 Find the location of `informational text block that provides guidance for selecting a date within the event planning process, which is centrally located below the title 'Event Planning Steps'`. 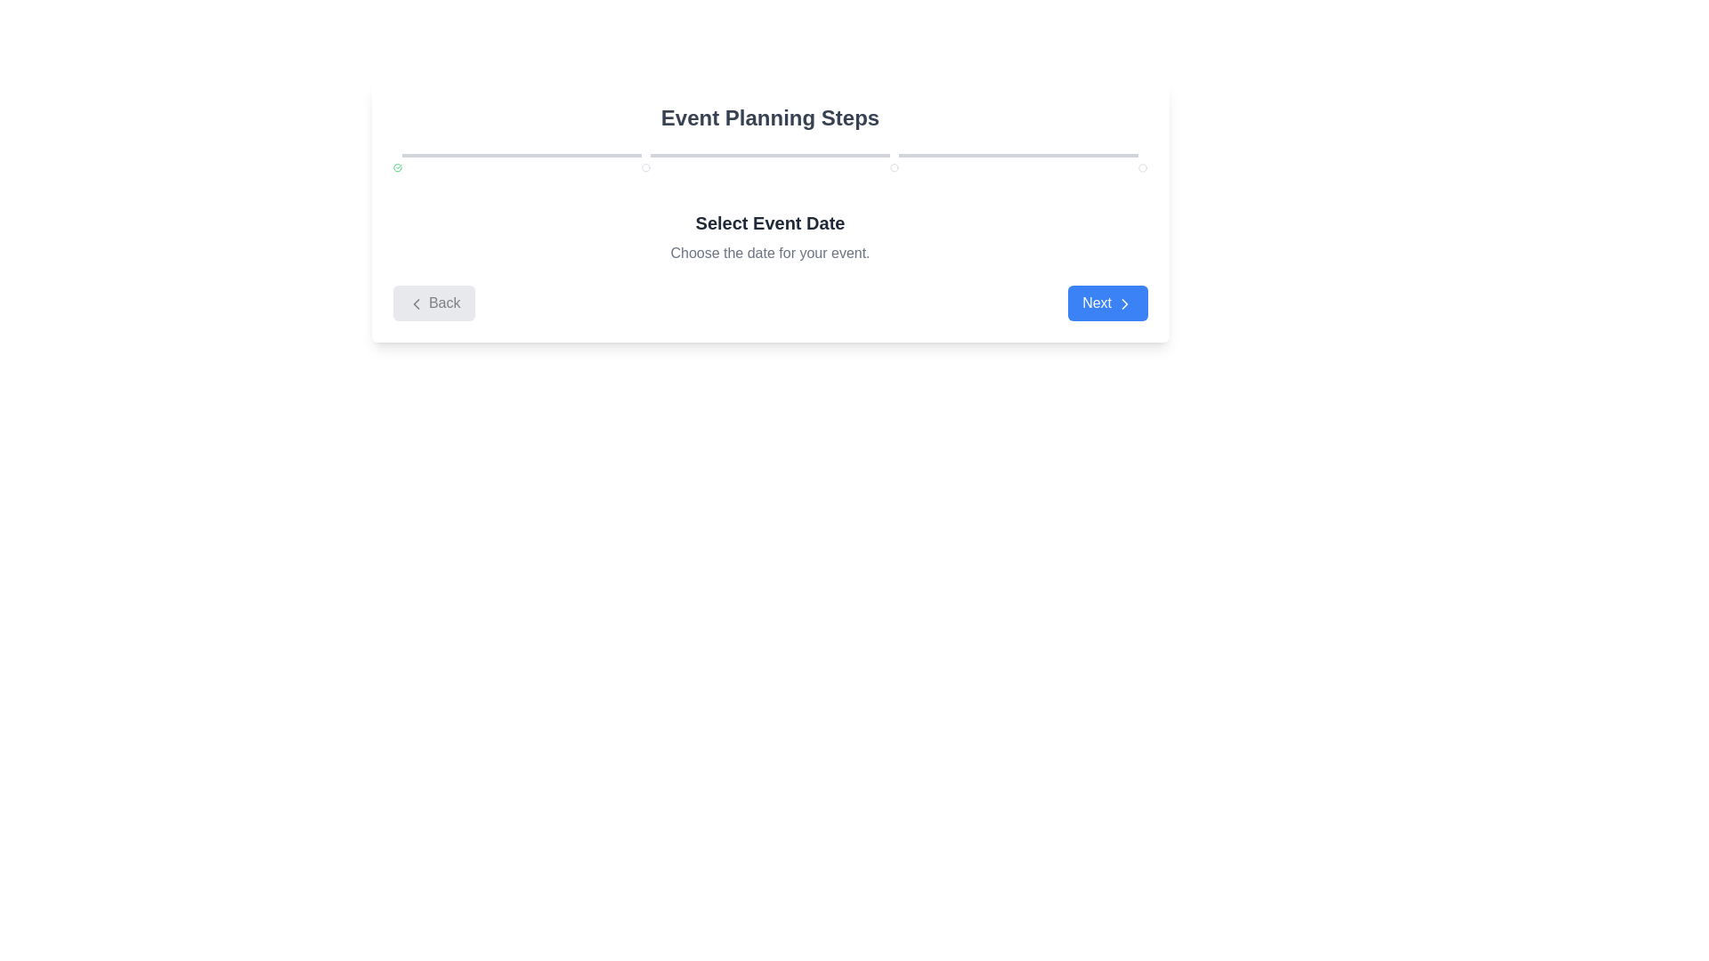

informational text block that provides guidance for selecting a date within the event planning process, which is centrally located below the title 'Event Planning Steps' is located at coordinates (770, 236).